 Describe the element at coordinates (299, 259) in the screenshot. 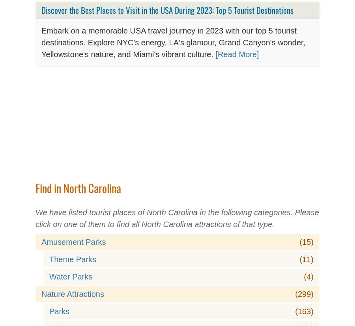

I see `'(11)'` at that location.